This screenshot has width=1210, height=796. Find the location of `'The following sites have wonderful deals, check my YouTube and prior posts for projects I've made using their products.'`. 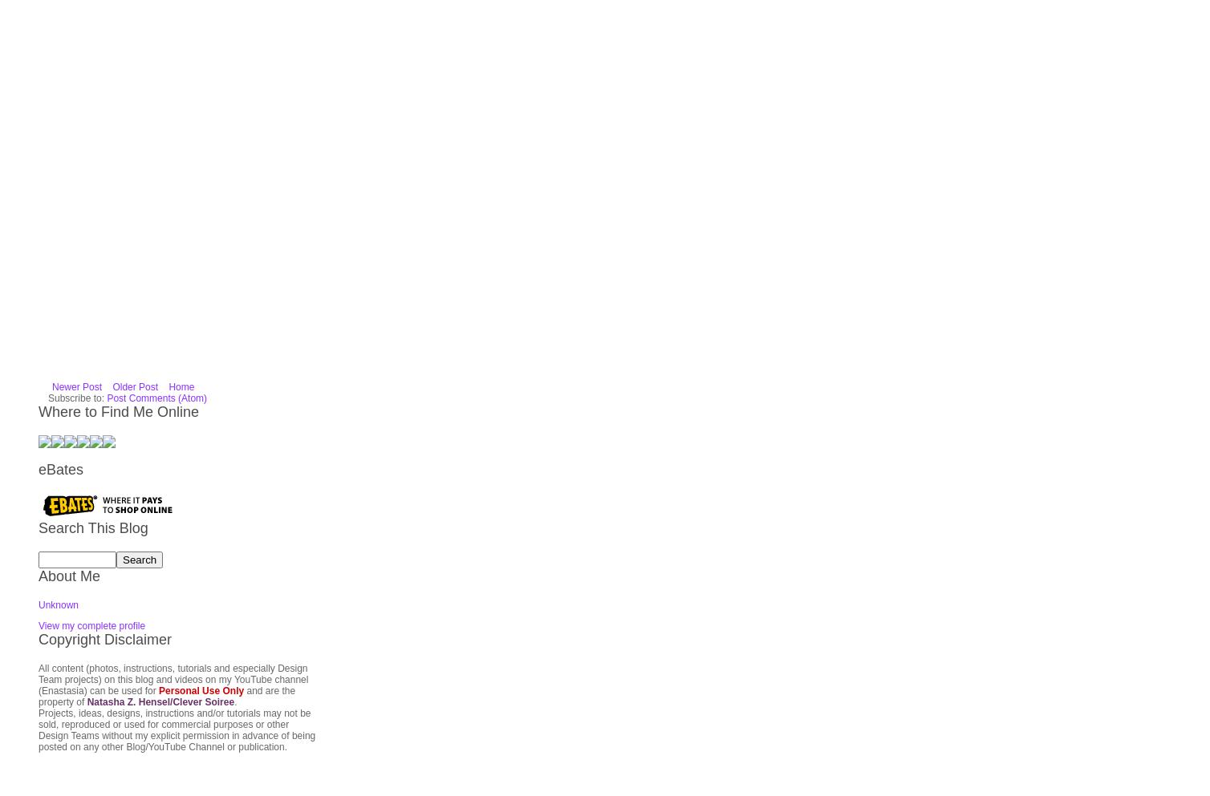

'The following sites have wonderful deals, check my YouTube and prior posts for projects I've made using their products.' is located at coordinates (177, 777).